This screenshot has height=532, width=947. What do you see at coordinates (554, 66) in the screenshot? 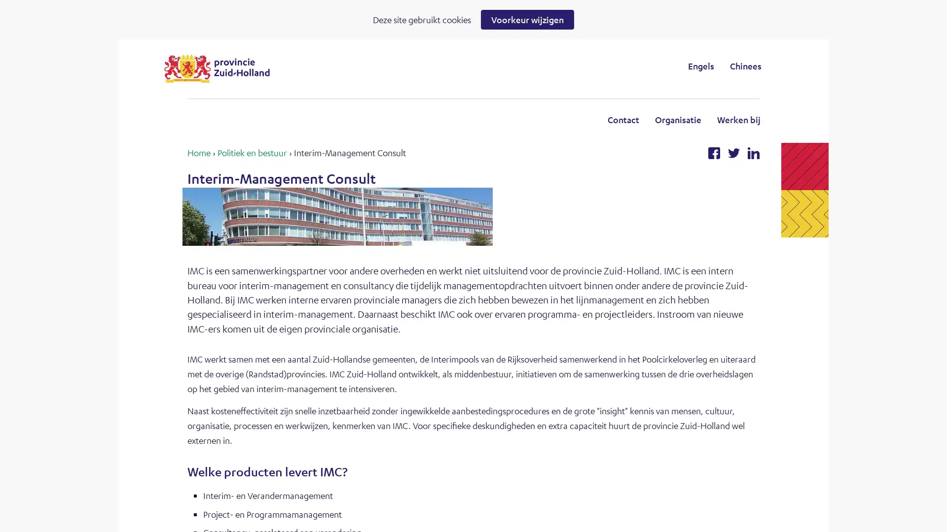
I see `Zoeken` at bounding box center [554, 66].